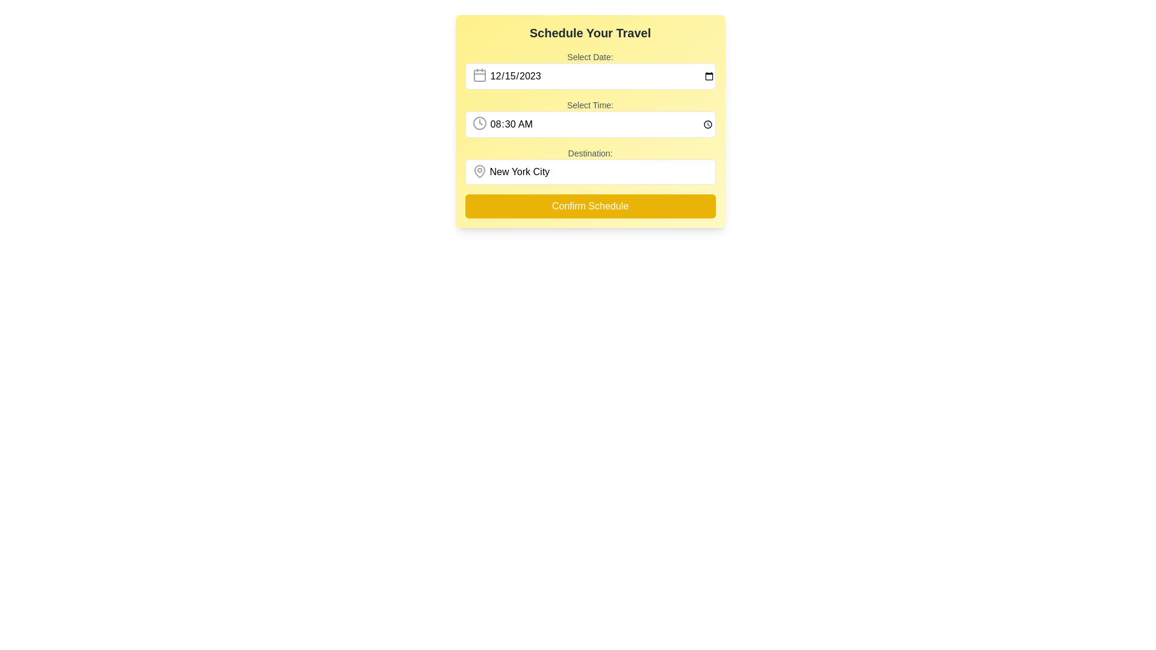 The image size is (1156, 650). Describe the element at coordinates (590, 152) in the screenshot. I see `the text label that reads 'Destination:', styled with a small, gray font, which is positioned directly above the destination input field in the travel scheduling UI` at that location.